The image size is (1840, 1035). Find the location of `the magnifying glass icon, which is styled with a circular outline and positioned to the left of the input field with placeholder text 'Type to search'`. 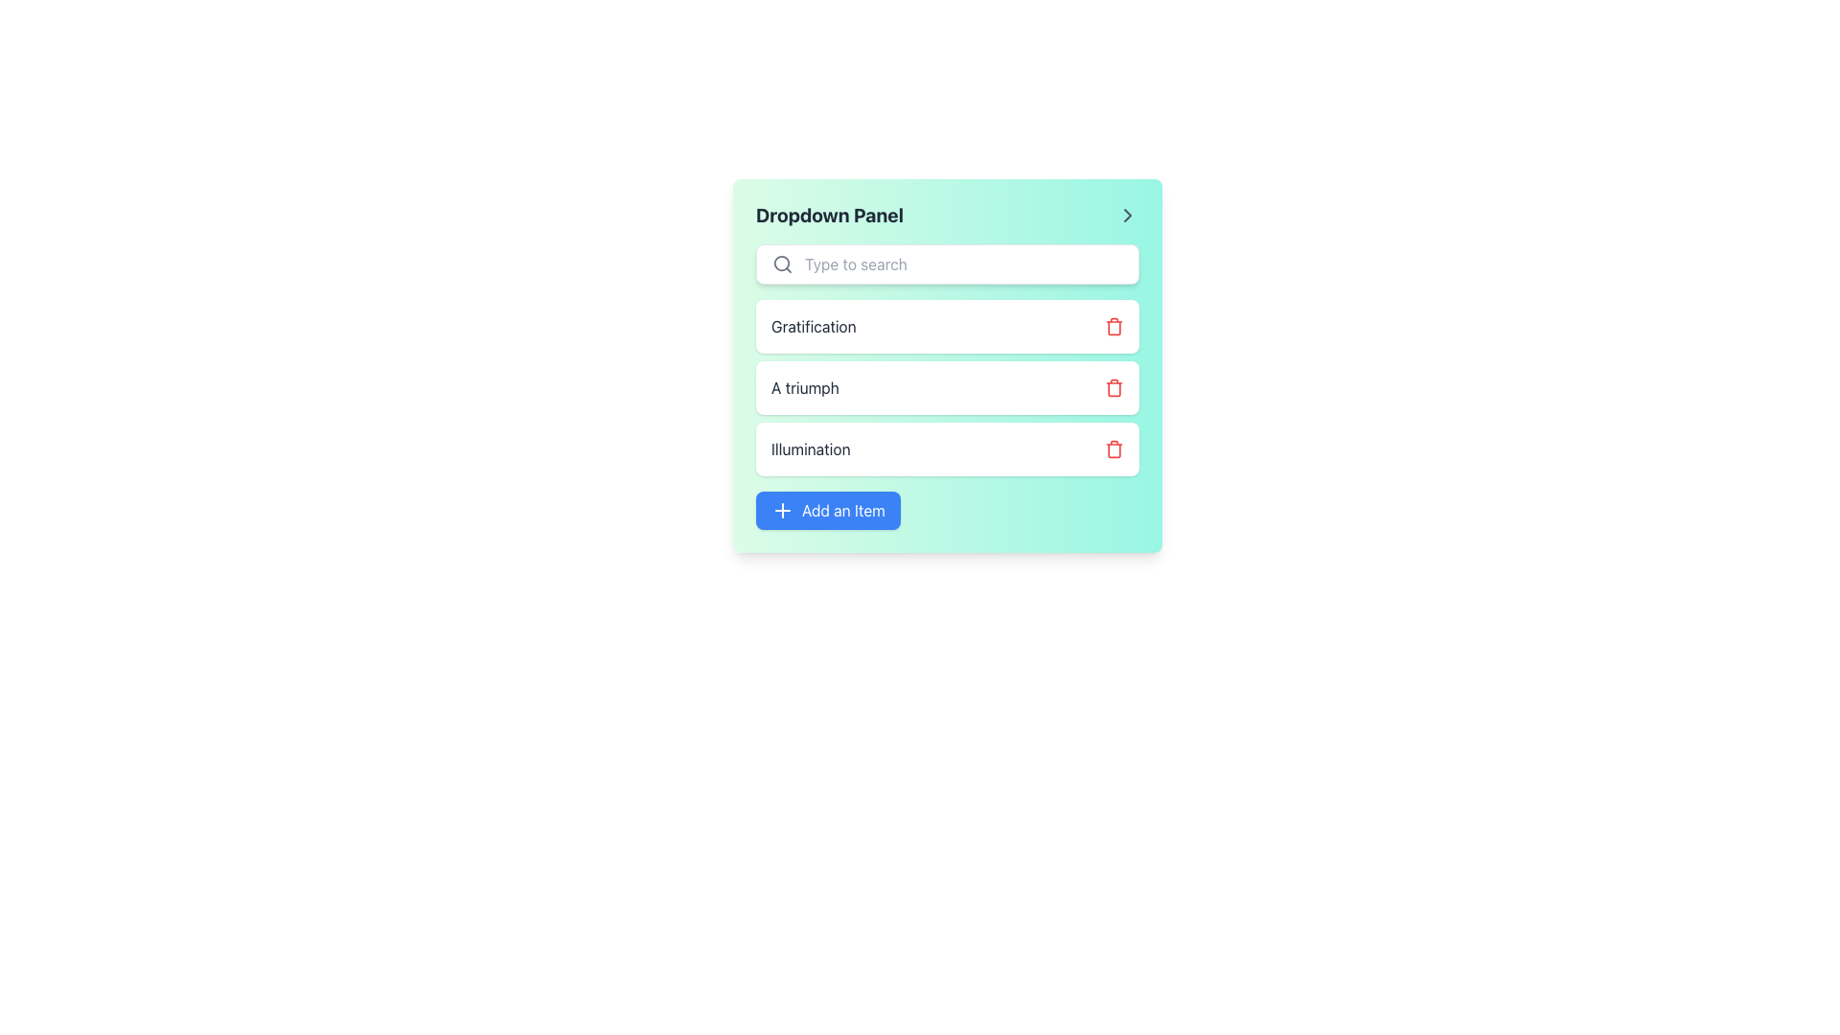

the magnifying glass icon, which is styled with a circular outline and positioned to the left of the input field with placeholder text 'Type to search' is located at coordinates (782, 264).